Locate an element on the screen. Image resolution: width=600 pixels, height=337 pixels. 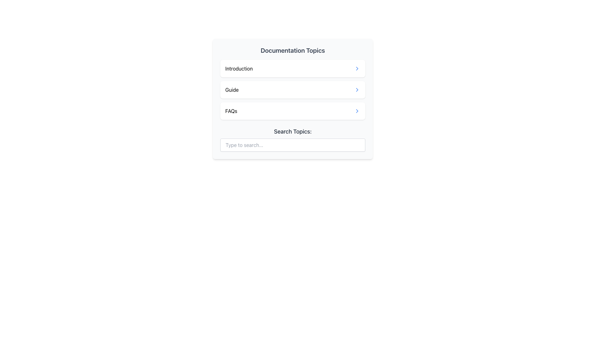
the rightward-pointing blue arrow icon representing a navigation indicator located under the 'FAQs' label in the Documentation Topics list is located at coordinates (357, 110).